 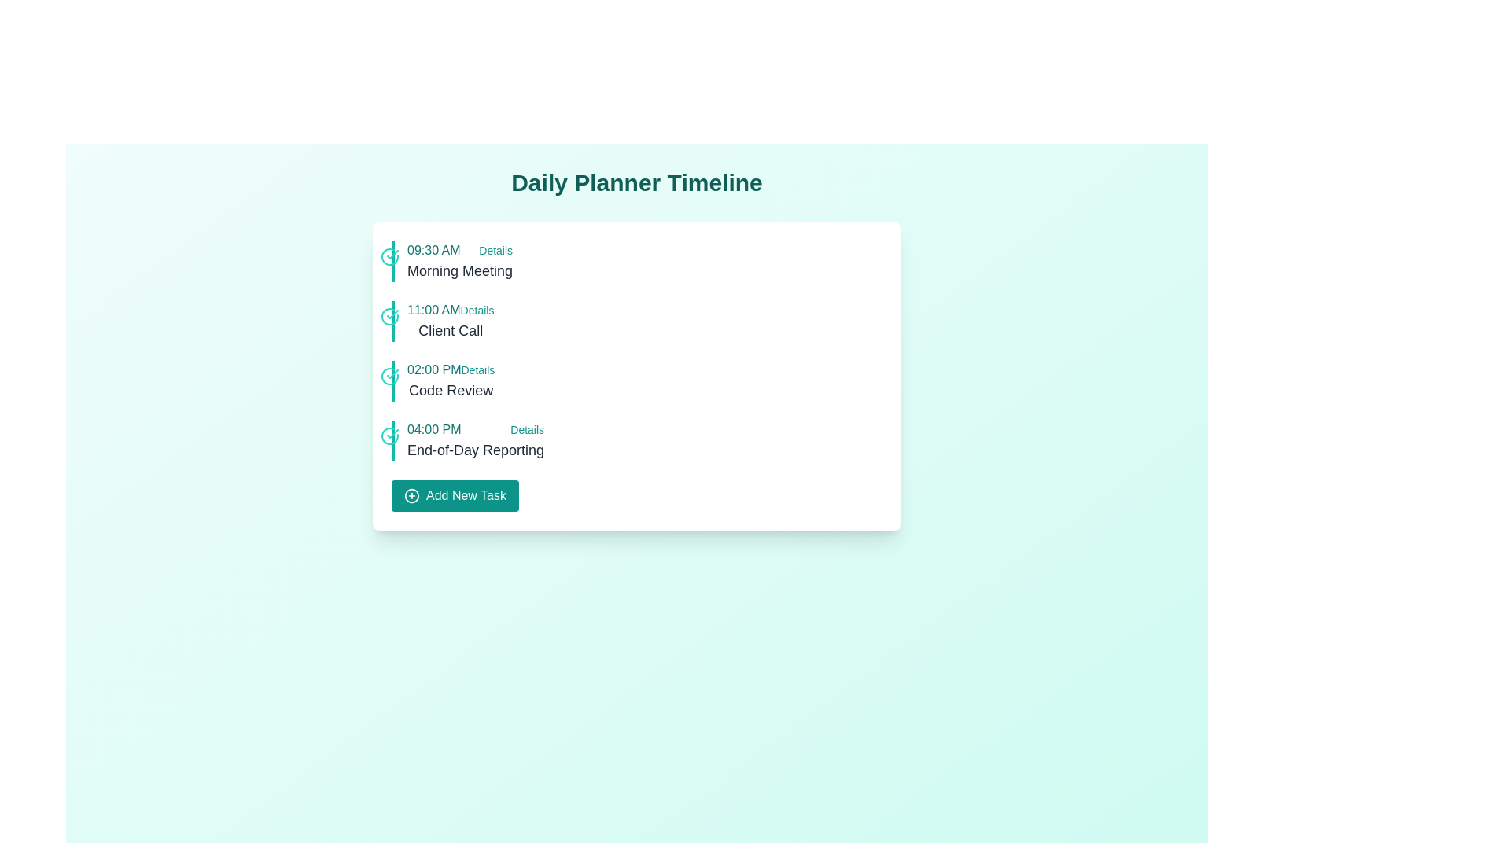 I want to click on the teal checkmark icon with a circular border located to the left of the '04:00 PM Details End-of-Day Reporting' timeline entry, so click(x=389, y=436).